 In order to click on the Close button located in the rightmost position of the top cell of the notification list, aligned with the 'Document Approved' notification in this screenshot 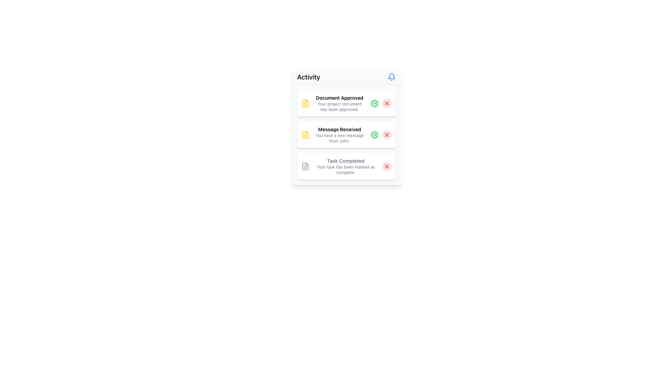, I will do `click(387, 103)`.